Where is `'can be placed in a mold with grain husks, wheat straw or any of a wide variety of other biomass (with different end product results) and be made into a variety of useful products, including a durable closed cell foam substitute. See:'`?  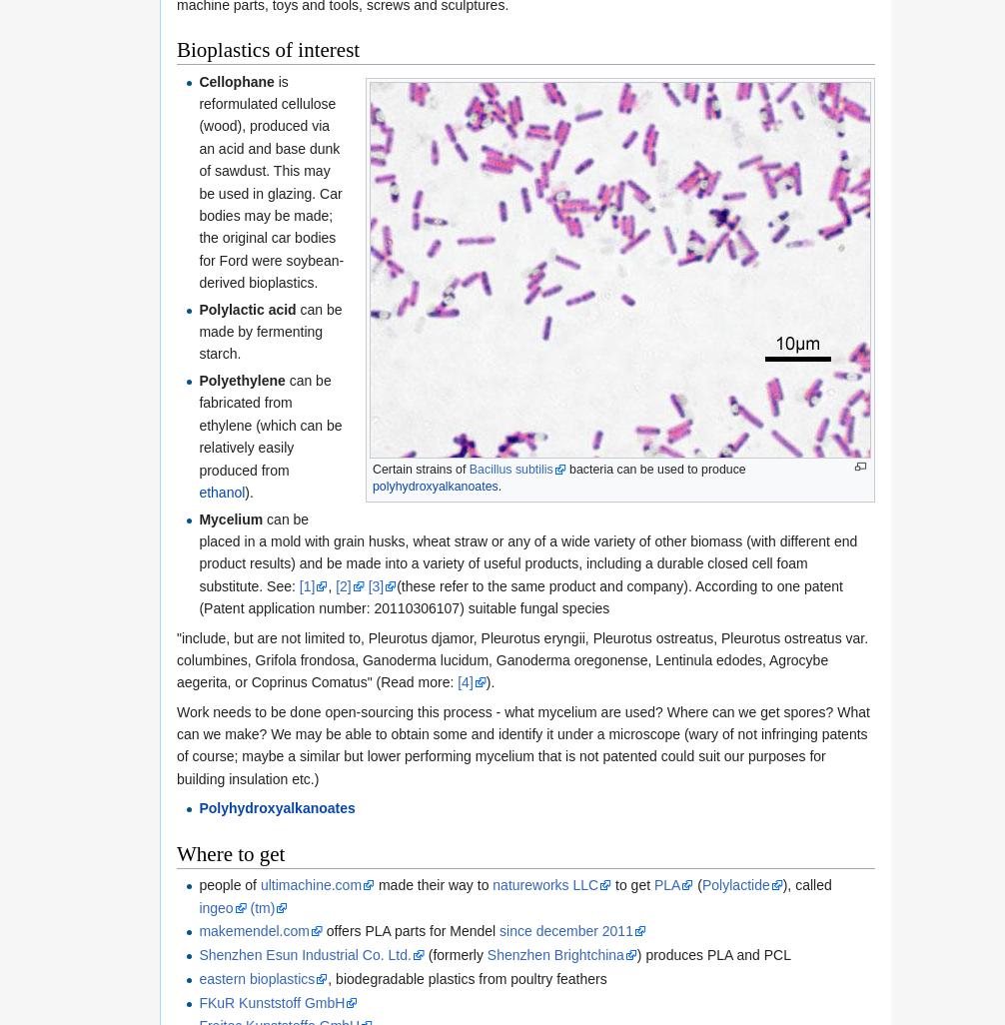 'can be placed in a mold with grain husks, wheat straw or any of a wide variety of other biomass (with different end product results) and be made into a variety of useful products, including a durable closed cell foam substitute. See:' is located at coordinates (527, 551).